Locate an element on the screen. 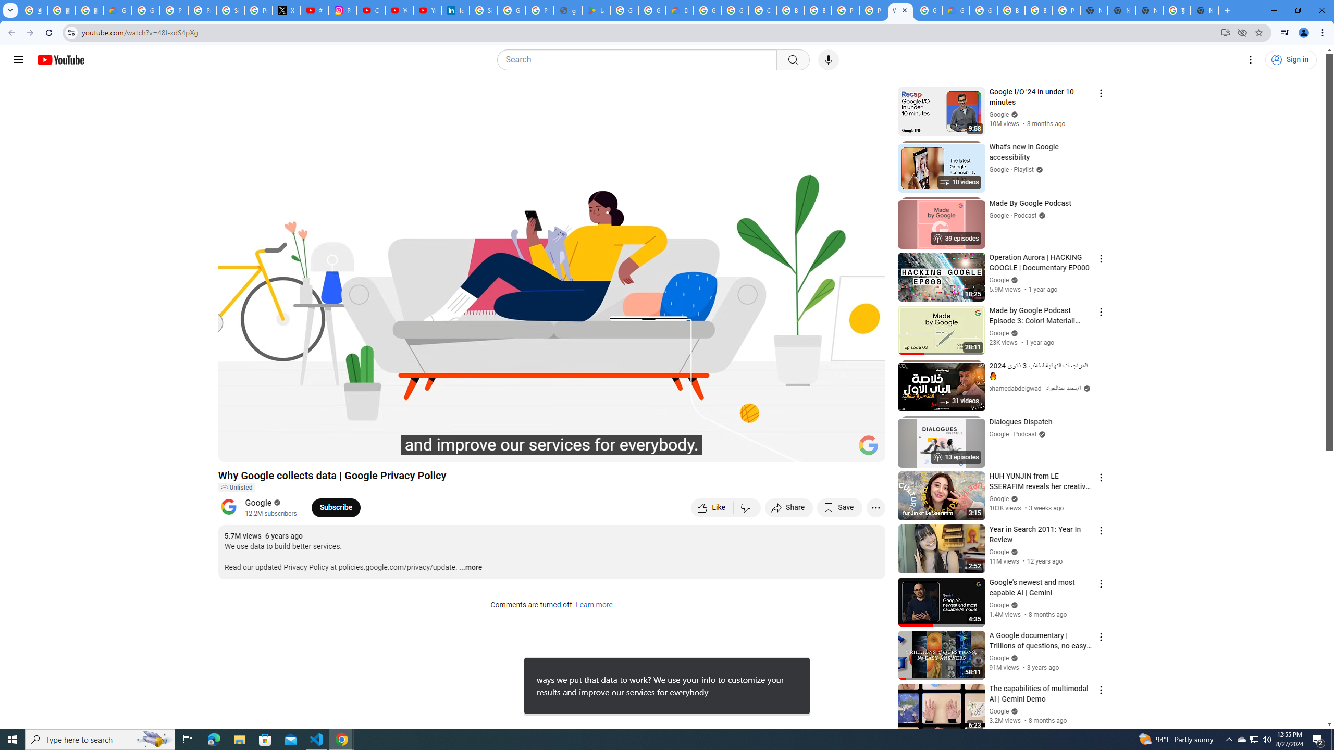 The width and height of the screenshot is (1334, 750). 'Share' is located at coordinates (788, 507).